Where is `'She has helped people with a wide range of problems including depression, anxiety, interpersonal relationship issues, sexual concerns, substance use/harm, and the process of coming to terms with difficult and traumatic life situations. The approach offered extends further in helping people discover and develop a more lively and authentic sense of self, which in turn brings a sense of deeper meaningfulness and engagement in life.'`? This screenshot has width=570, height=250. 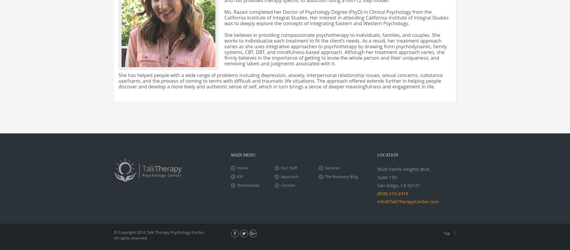
'She has helped people with a wide range of problems including depression, anxiety, interpersonal relationship issues, sexual concerns, substance use/harm, and the process of coming to terms with difficult and traumatic life situations. The approach offered extends further in helping people discover and develop a more lively and authentic sense of self, which in turn brings a sense of deeper meaningfulness and engagement in life.' is located at coordinates (280, 80).